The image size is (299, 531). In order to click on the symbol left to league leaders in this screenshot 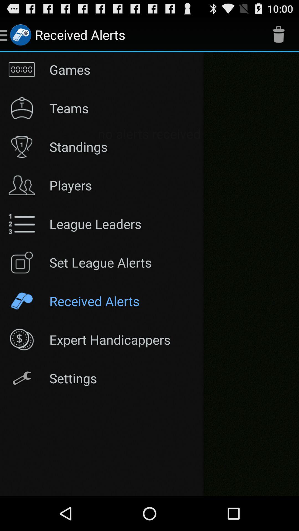, I will do `click(21, 224)`.